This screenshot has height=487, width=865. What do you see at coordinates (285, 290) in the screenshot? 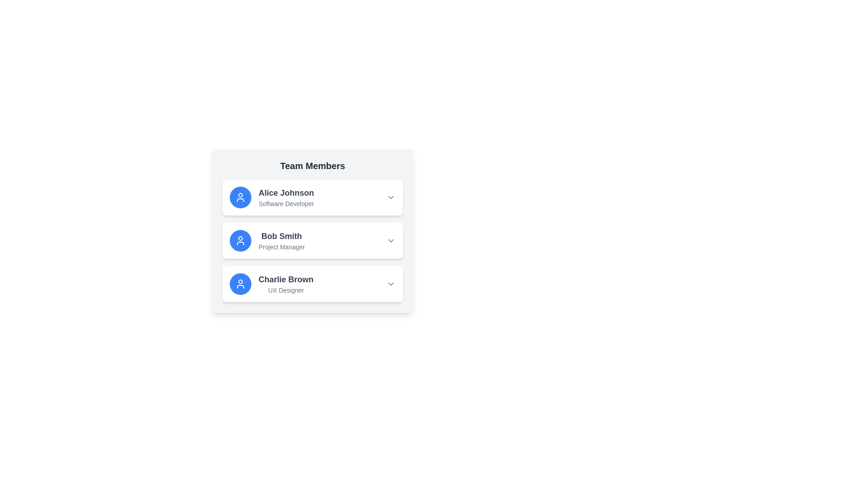
I see `text content of the 'UX Designer' label, which is a small-sized gray text positioned beneath 'Charlie Brown' in the Team Members list` at bounding box center [285, 290].